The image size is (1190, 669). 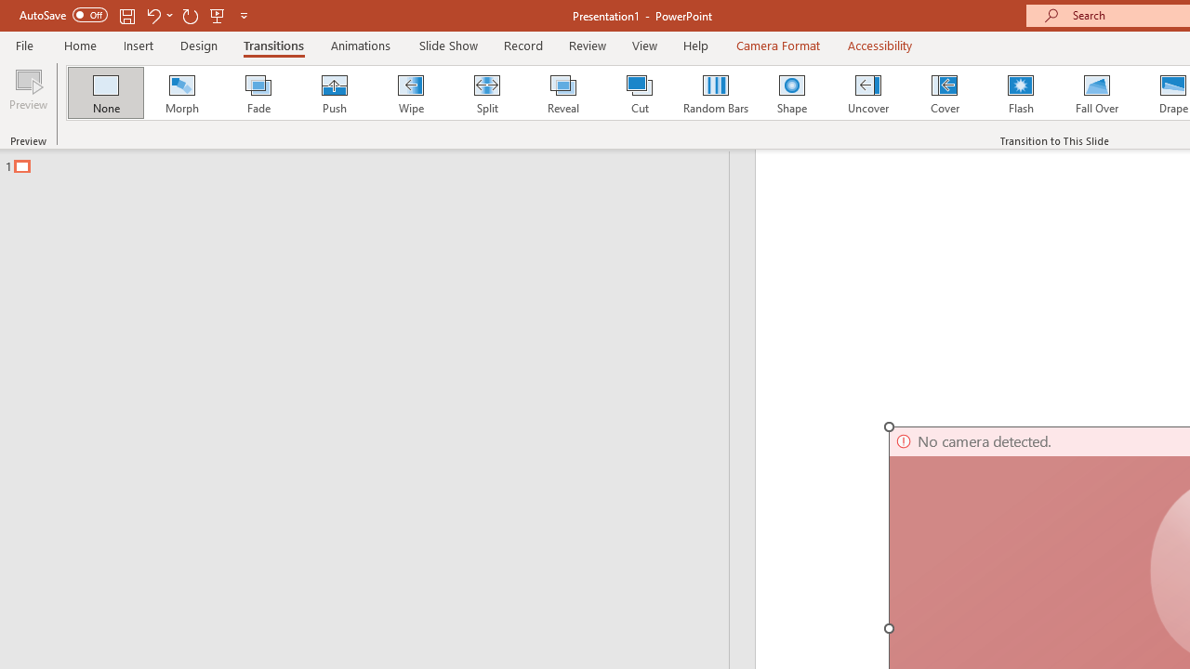 I want to click on 'Preview', so click(x=28, y=96).